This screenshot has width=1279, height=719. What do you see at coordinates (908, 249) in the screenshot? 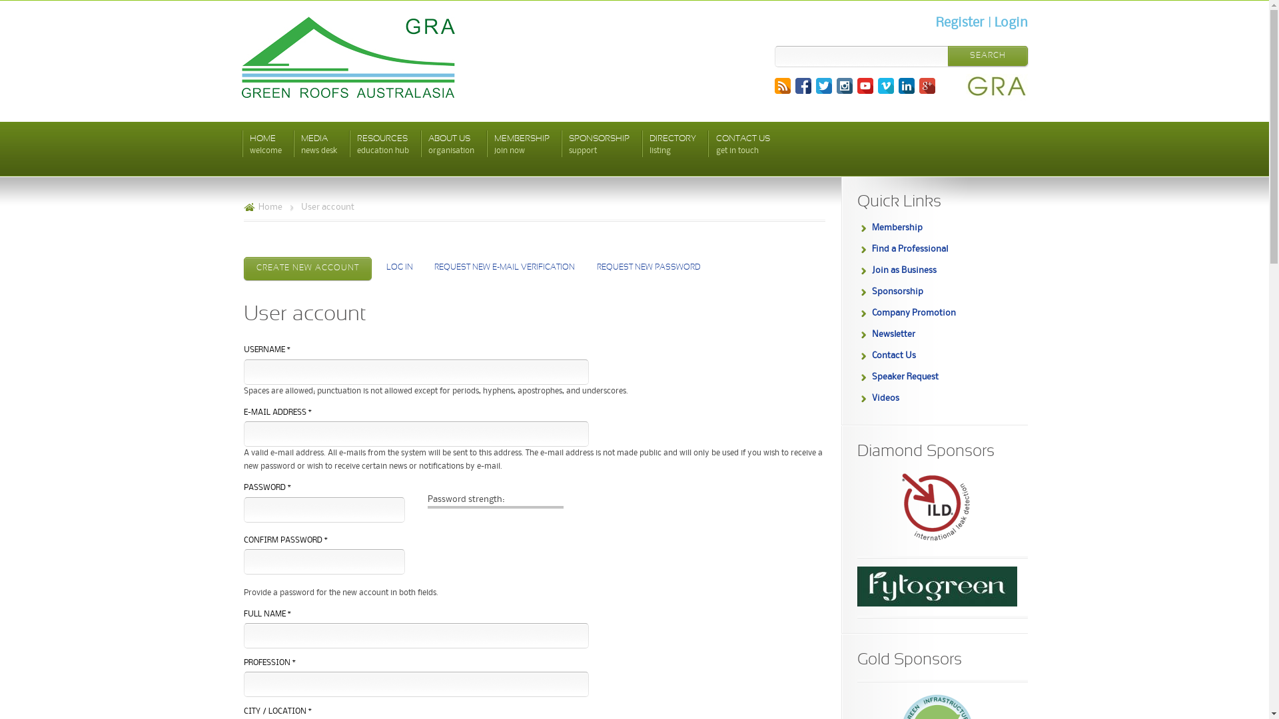
I see `'Find a Professional'` at bounding box center [908, 249].